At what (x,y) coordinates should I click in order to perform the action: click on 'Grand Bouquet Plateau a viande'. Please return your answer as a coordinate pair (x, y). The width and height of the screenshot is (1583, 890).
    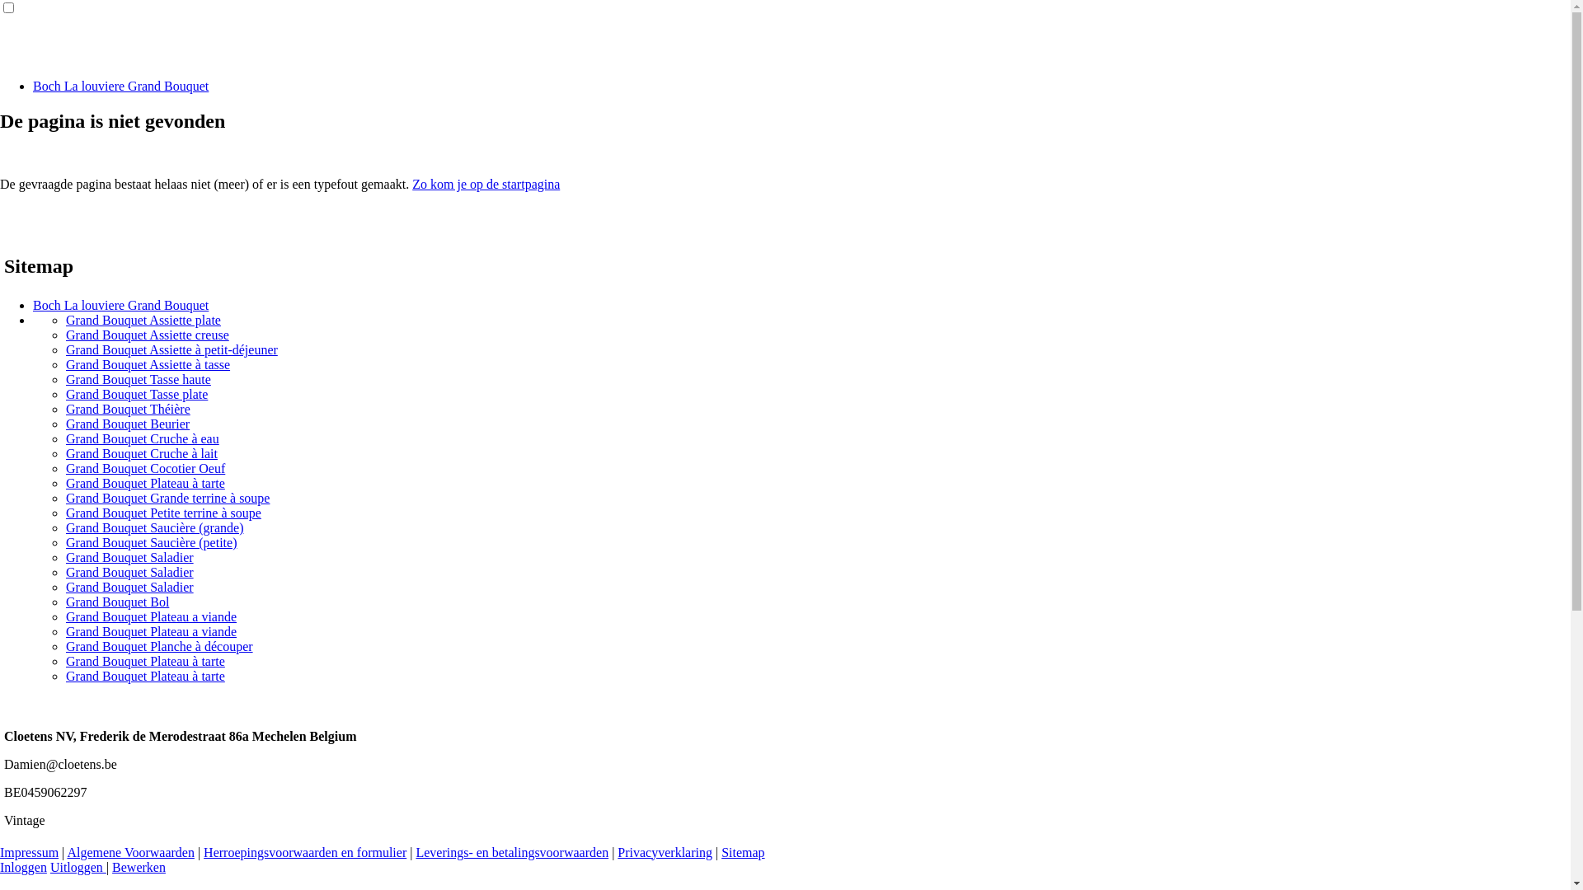
    Looking at the image, I should click on (66, 616).